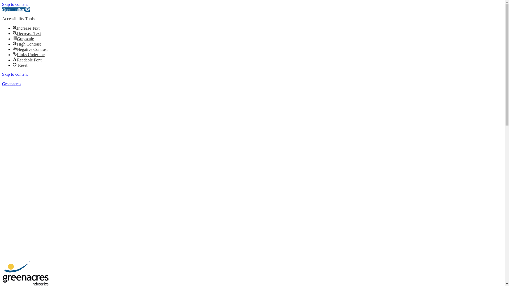  What do you see at coordinates (13, 49) in the screenshot?
I see `'Negative ContrastNegative Contrast'` at bounding box center [13, 49].